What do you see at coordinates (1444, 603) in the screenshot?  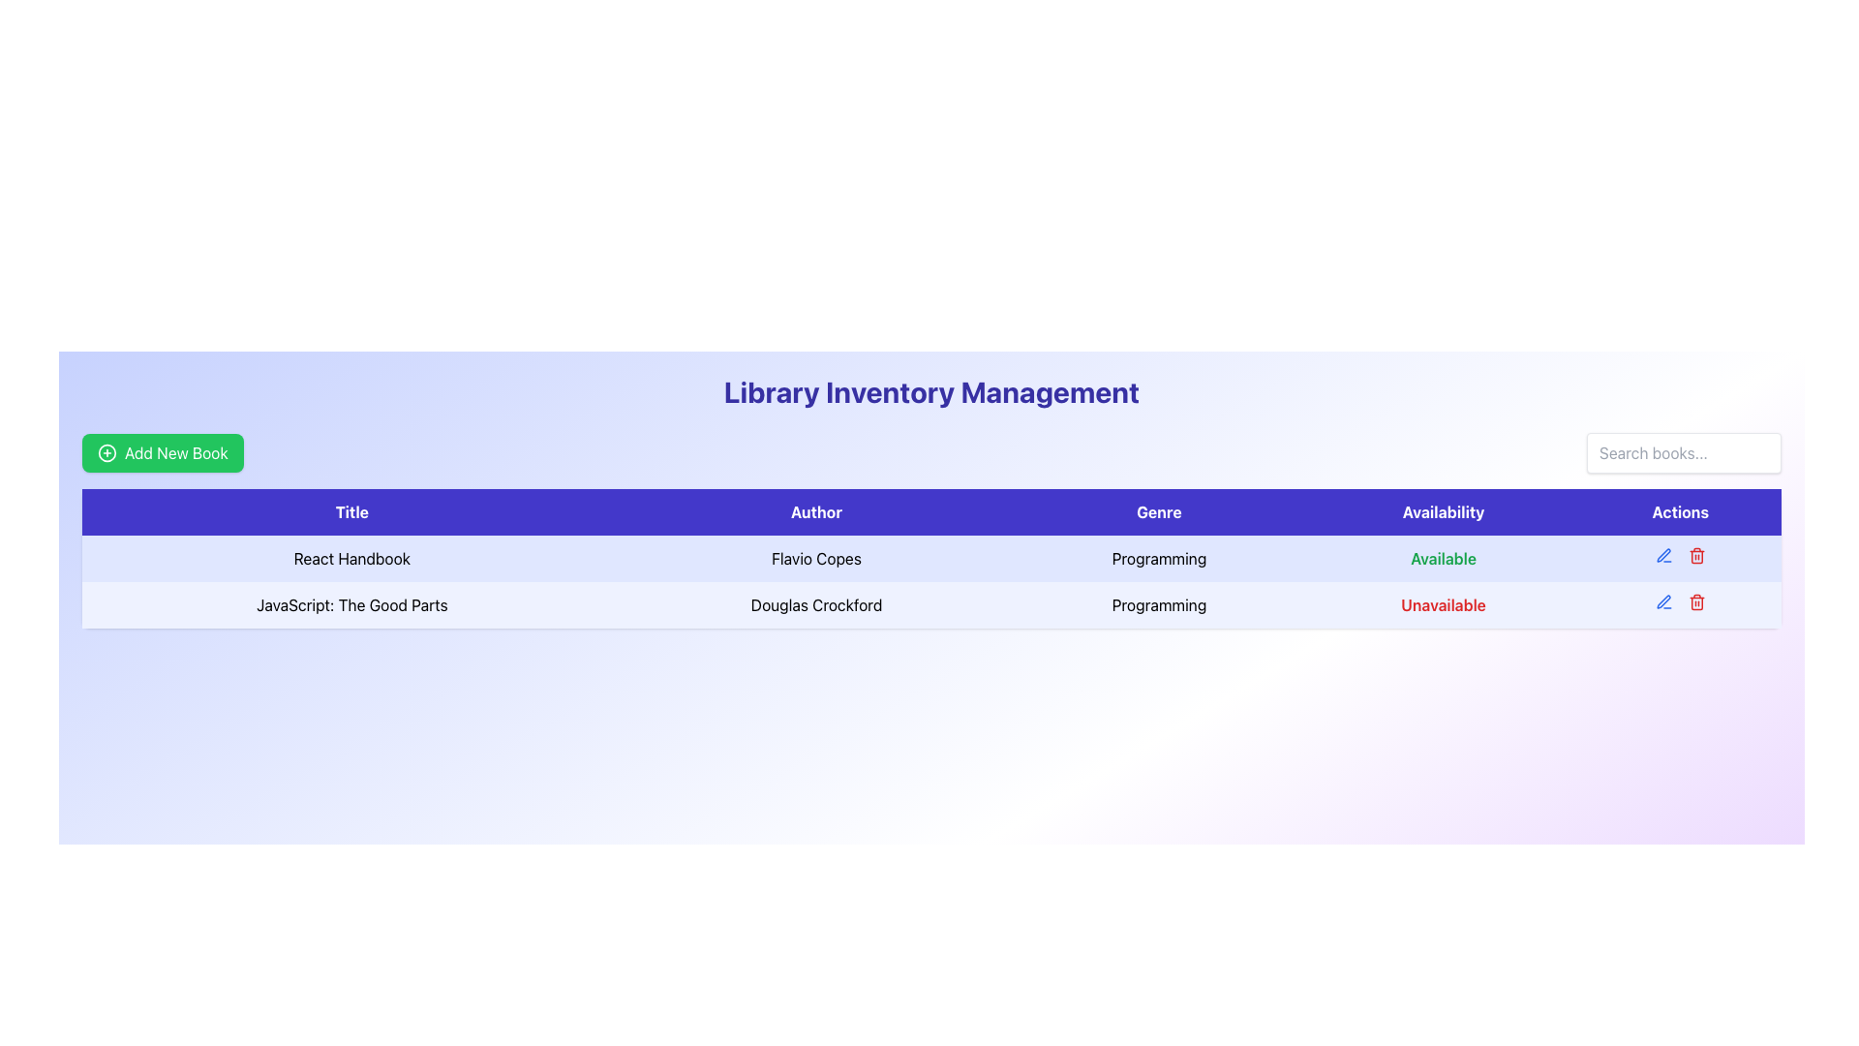 I see `the status indicator text label in the 'Availability' column of the second row, which indicates that the item is currently not available` at bounding box center [1444, 603].